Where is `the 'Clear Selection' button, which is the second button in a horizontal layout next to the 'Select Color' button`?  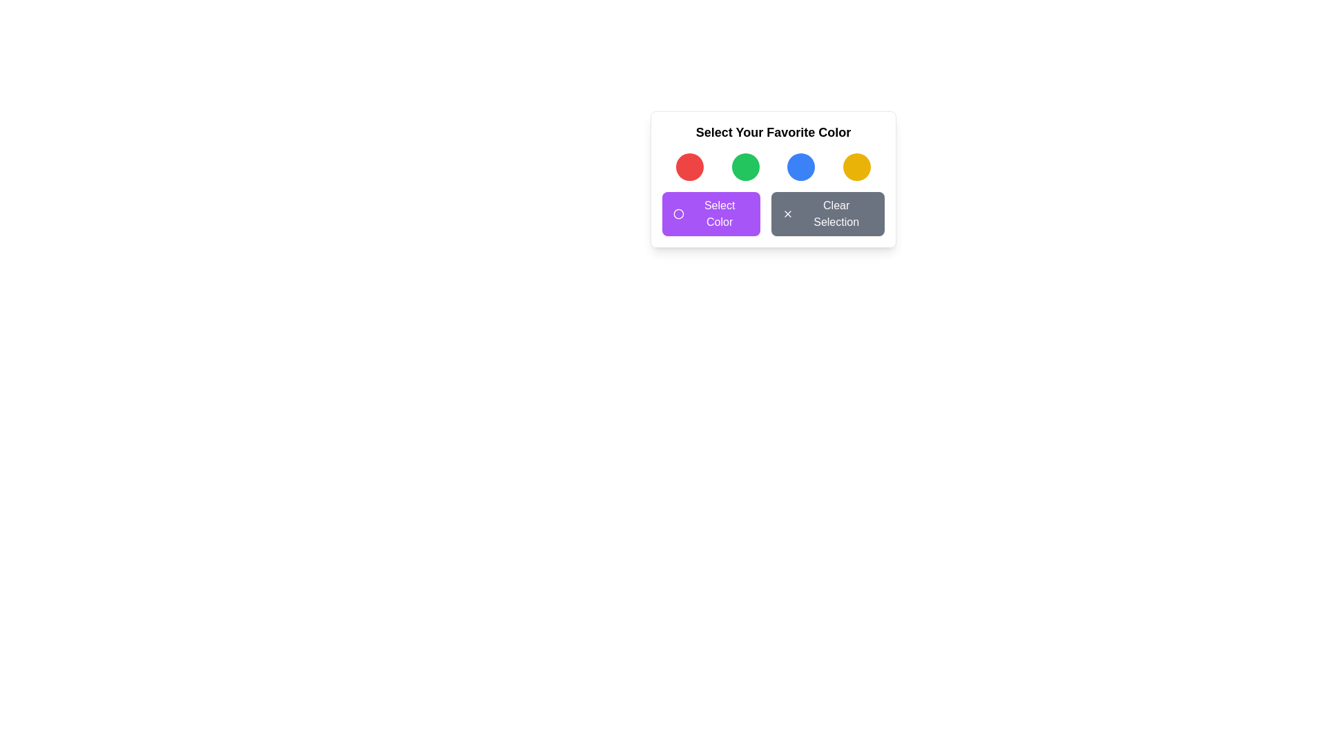 the 'Clear Selection' button, which is the second button in a horizontal layout next to the 'Select Color' button is located at coordinates (828, 213).